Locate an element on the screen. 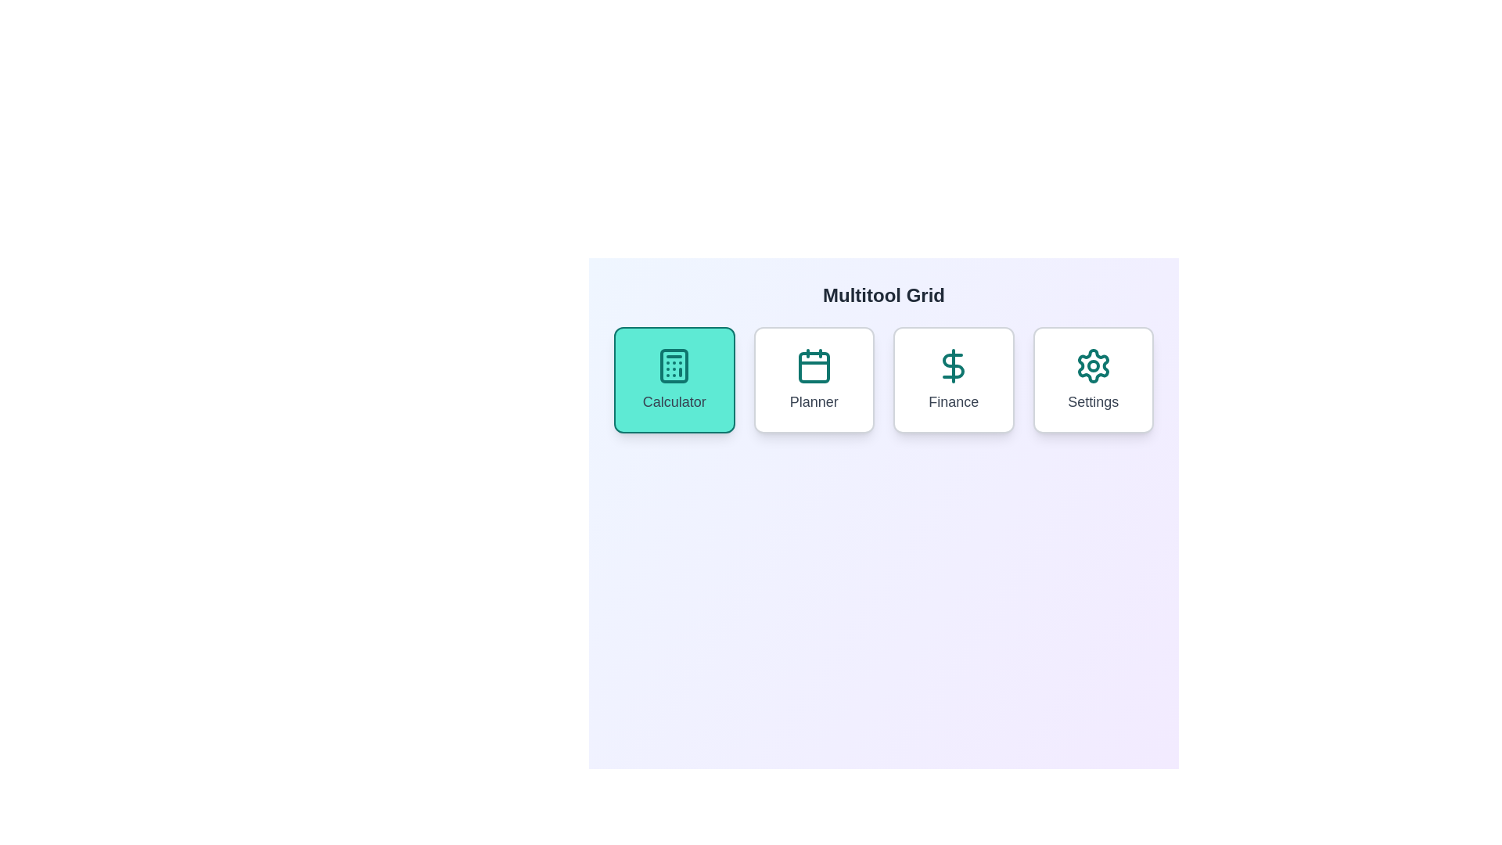 The height and width of the screenshot is (845, 1502). the third card in the grid layout that contains a teal dollar sign icon and the text 'Finance' is located at coordinates (953, 380).